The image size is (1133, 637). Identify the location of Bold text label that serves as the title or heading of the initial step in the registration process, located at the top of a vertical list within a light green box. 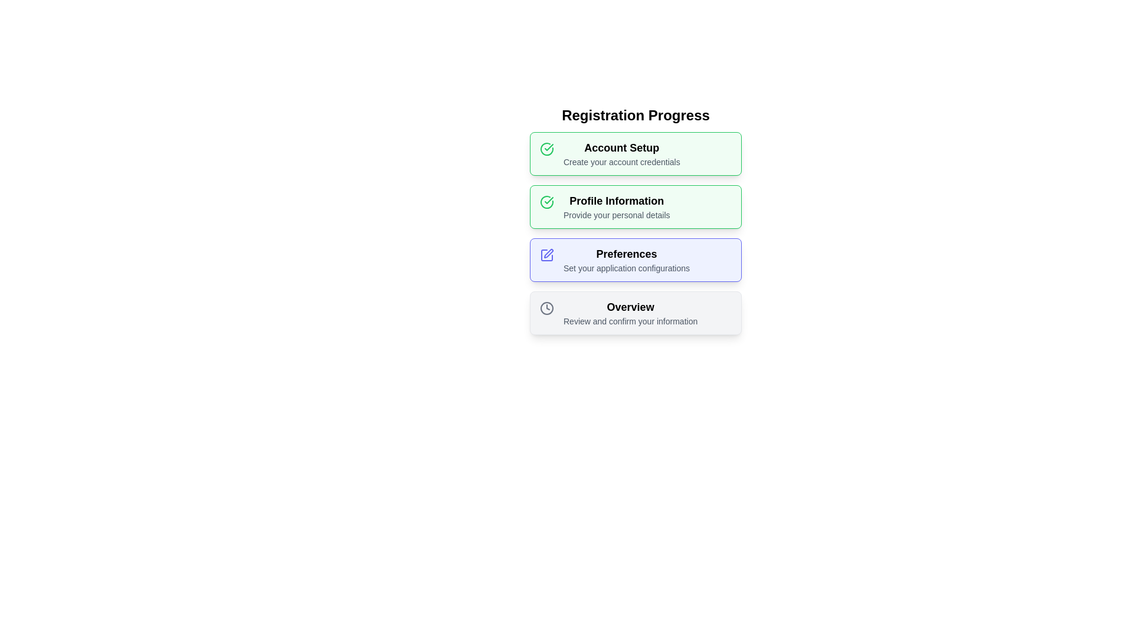
(621, 147).